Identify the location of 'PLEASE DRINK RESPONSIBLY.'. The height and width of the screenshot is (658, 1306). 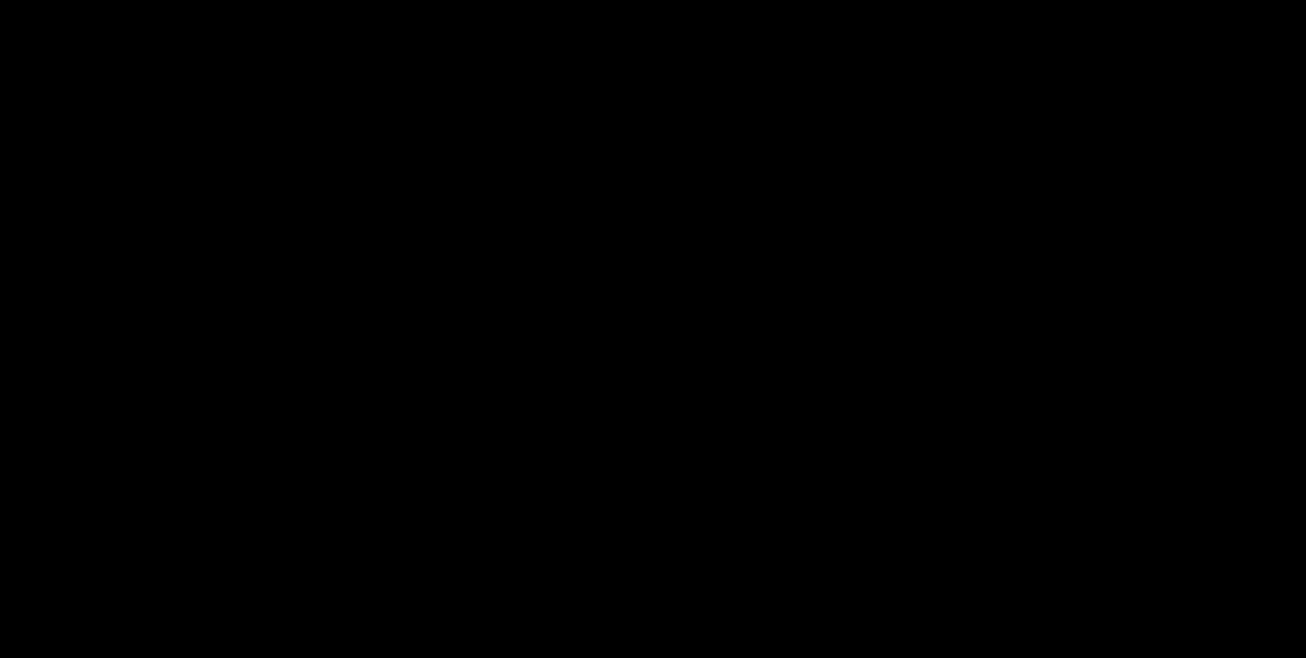
(651, 580).